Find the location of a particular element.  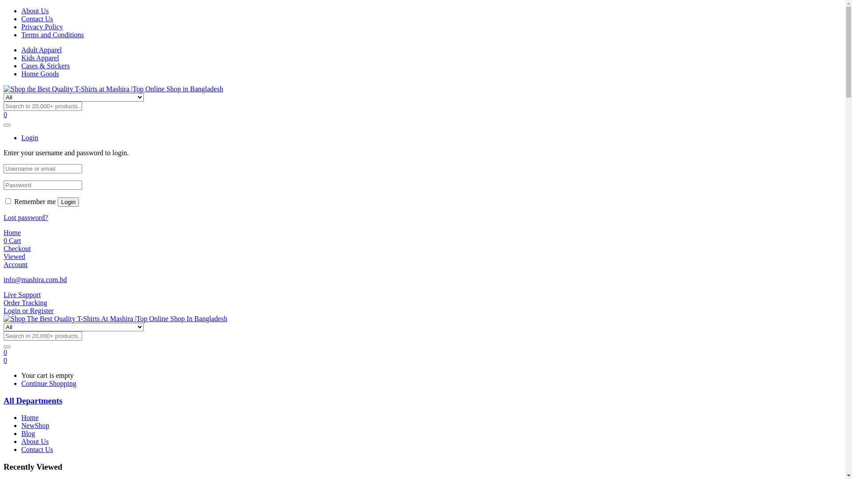

'Order Tracking' is located at coordinates (25, 302).